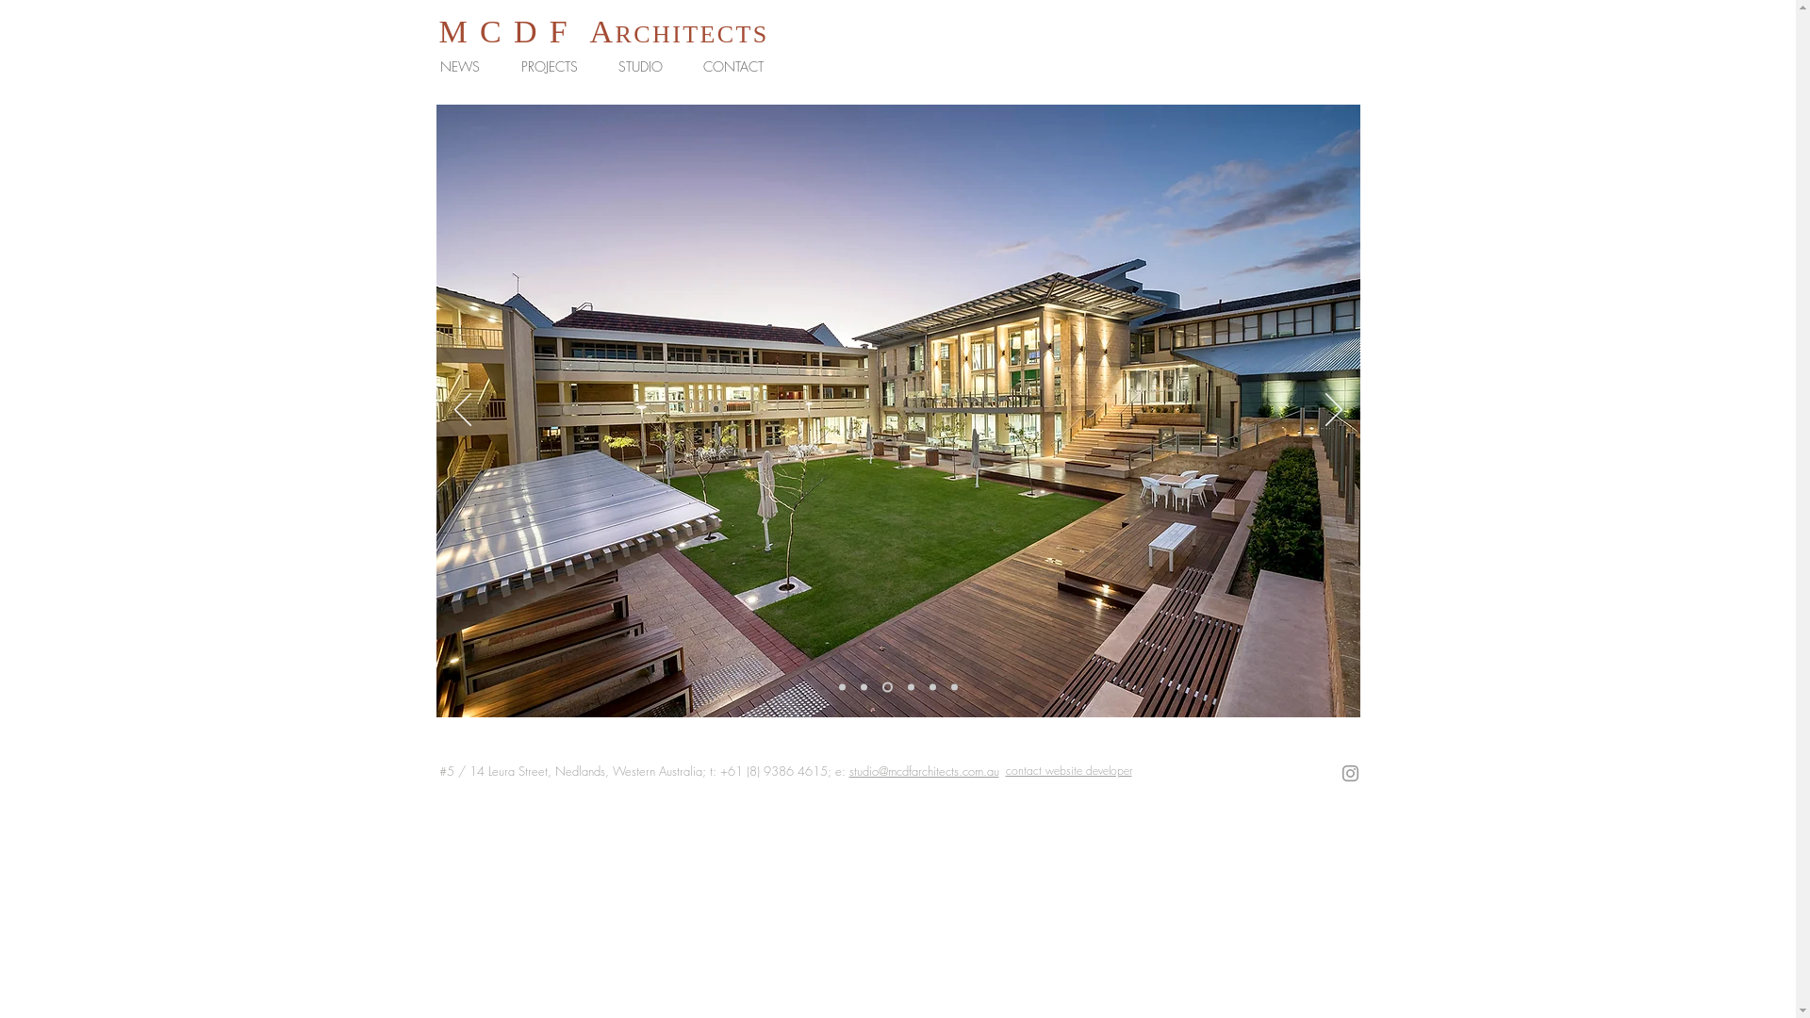  What do you see at coordinates (646, 65) in the screenshot?
I see `'STUDIO'` at bounding box center [646, 65].